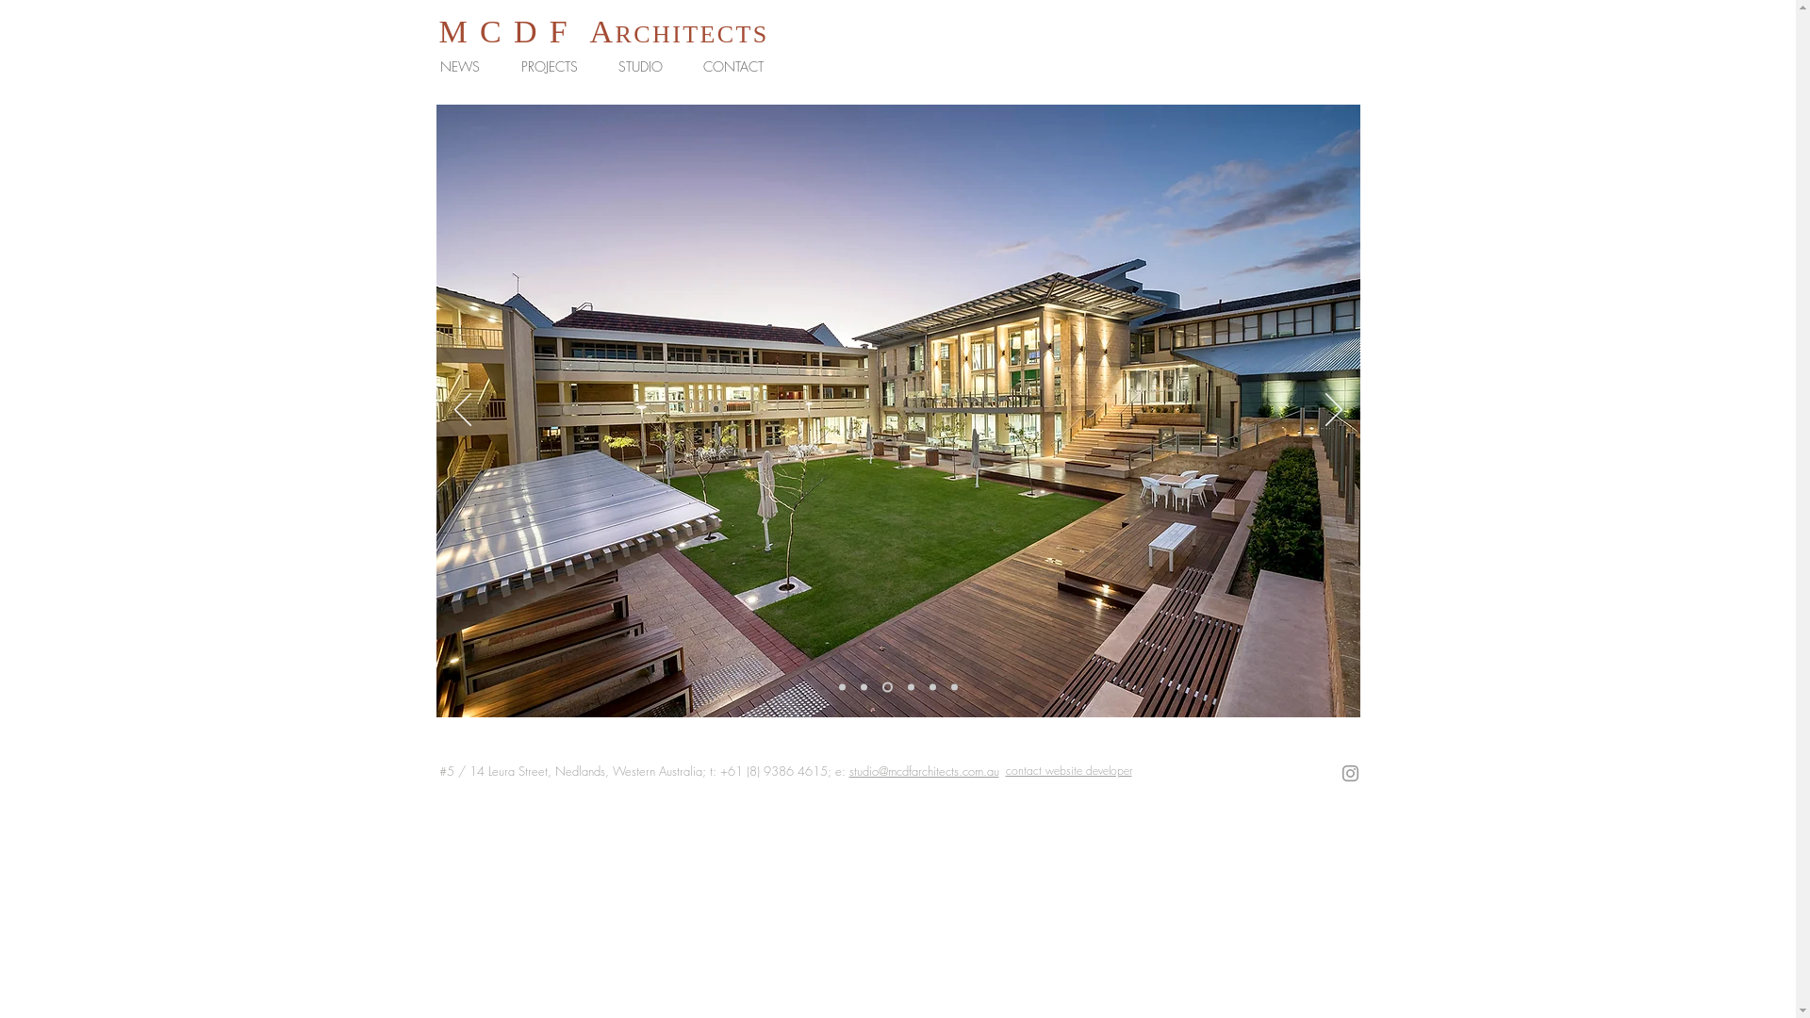  What do you see at coordinates (646, 65) in the screenshot?
I see `'STUDIO'` at bounding box center [646, 65].